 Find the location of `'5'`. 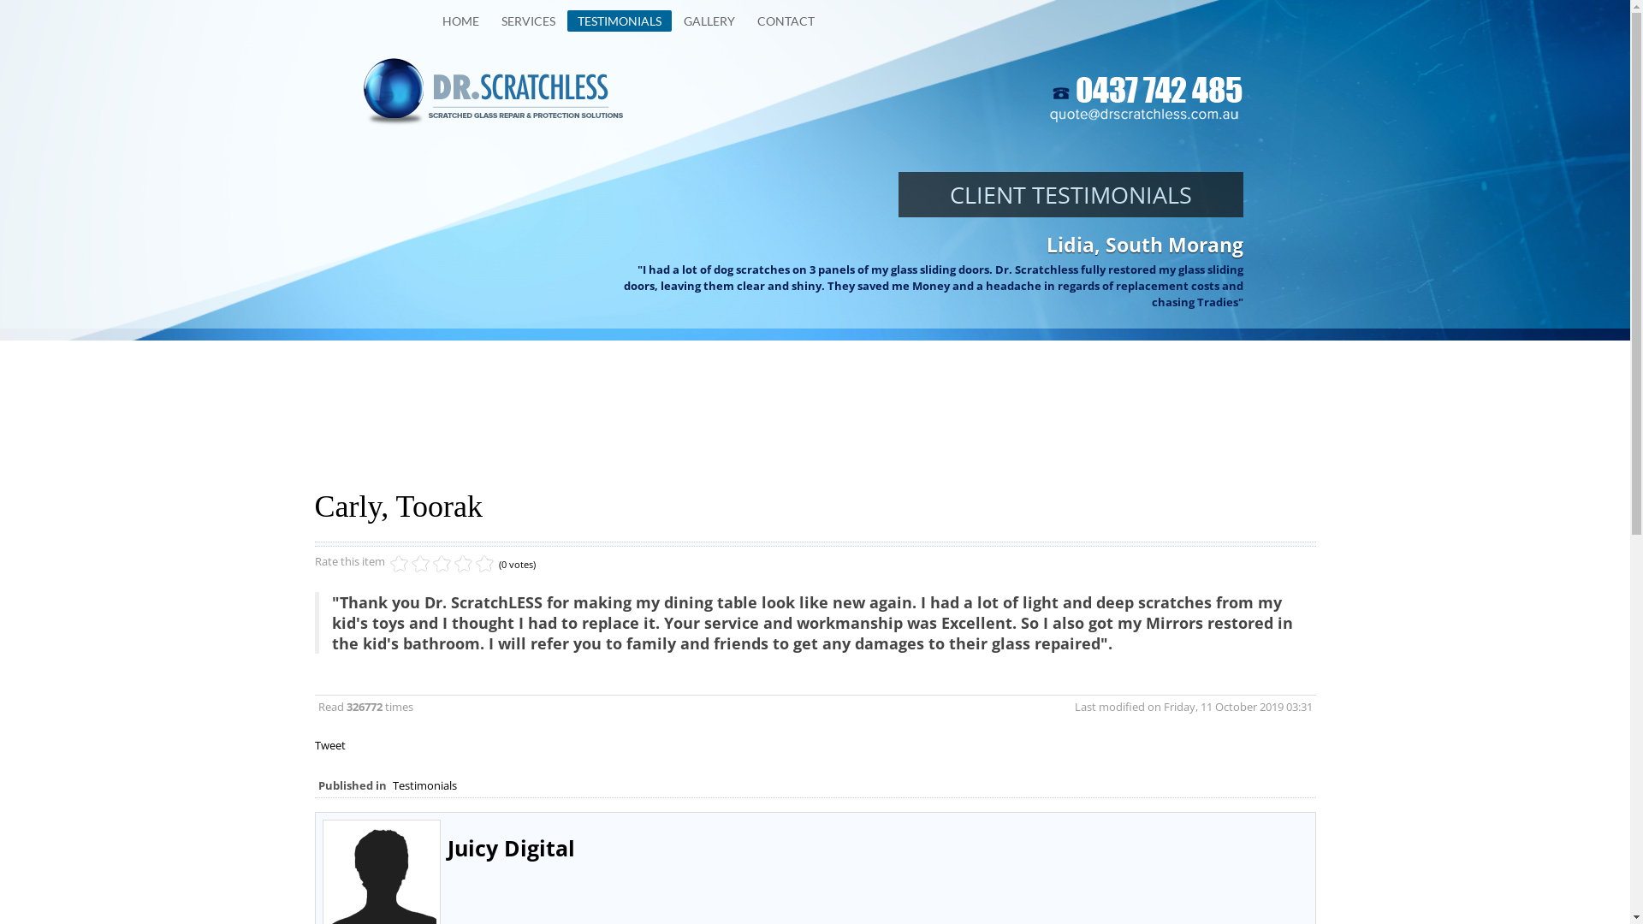

'5' is located at coordinates (442, 564).